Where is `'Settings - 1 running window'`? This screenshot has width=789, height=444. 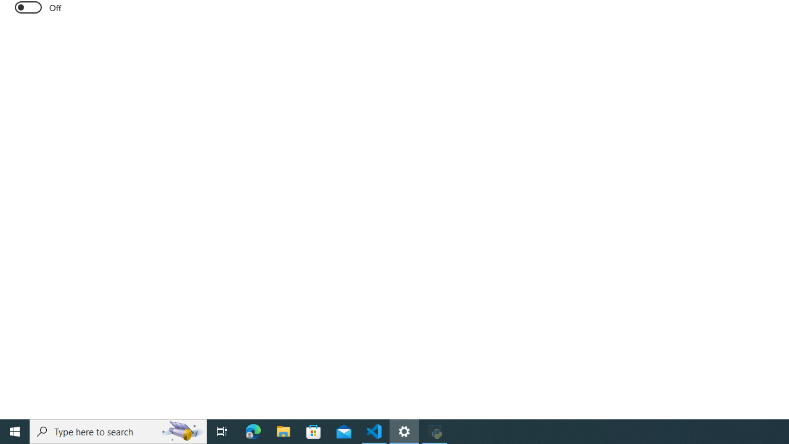 'Settings - 1 running window' is located at coordinates (404, 430).